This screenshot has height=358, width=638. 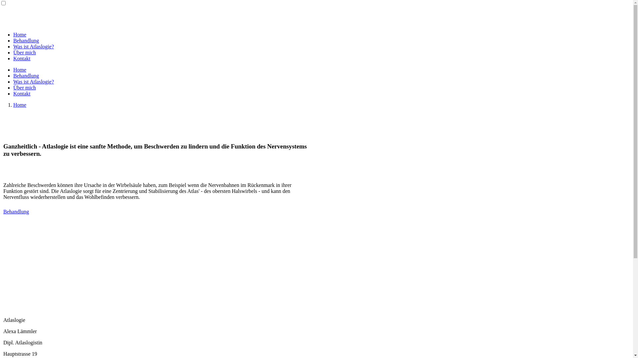 I want to click on 'Behandlung', so click(x=26, y=40).